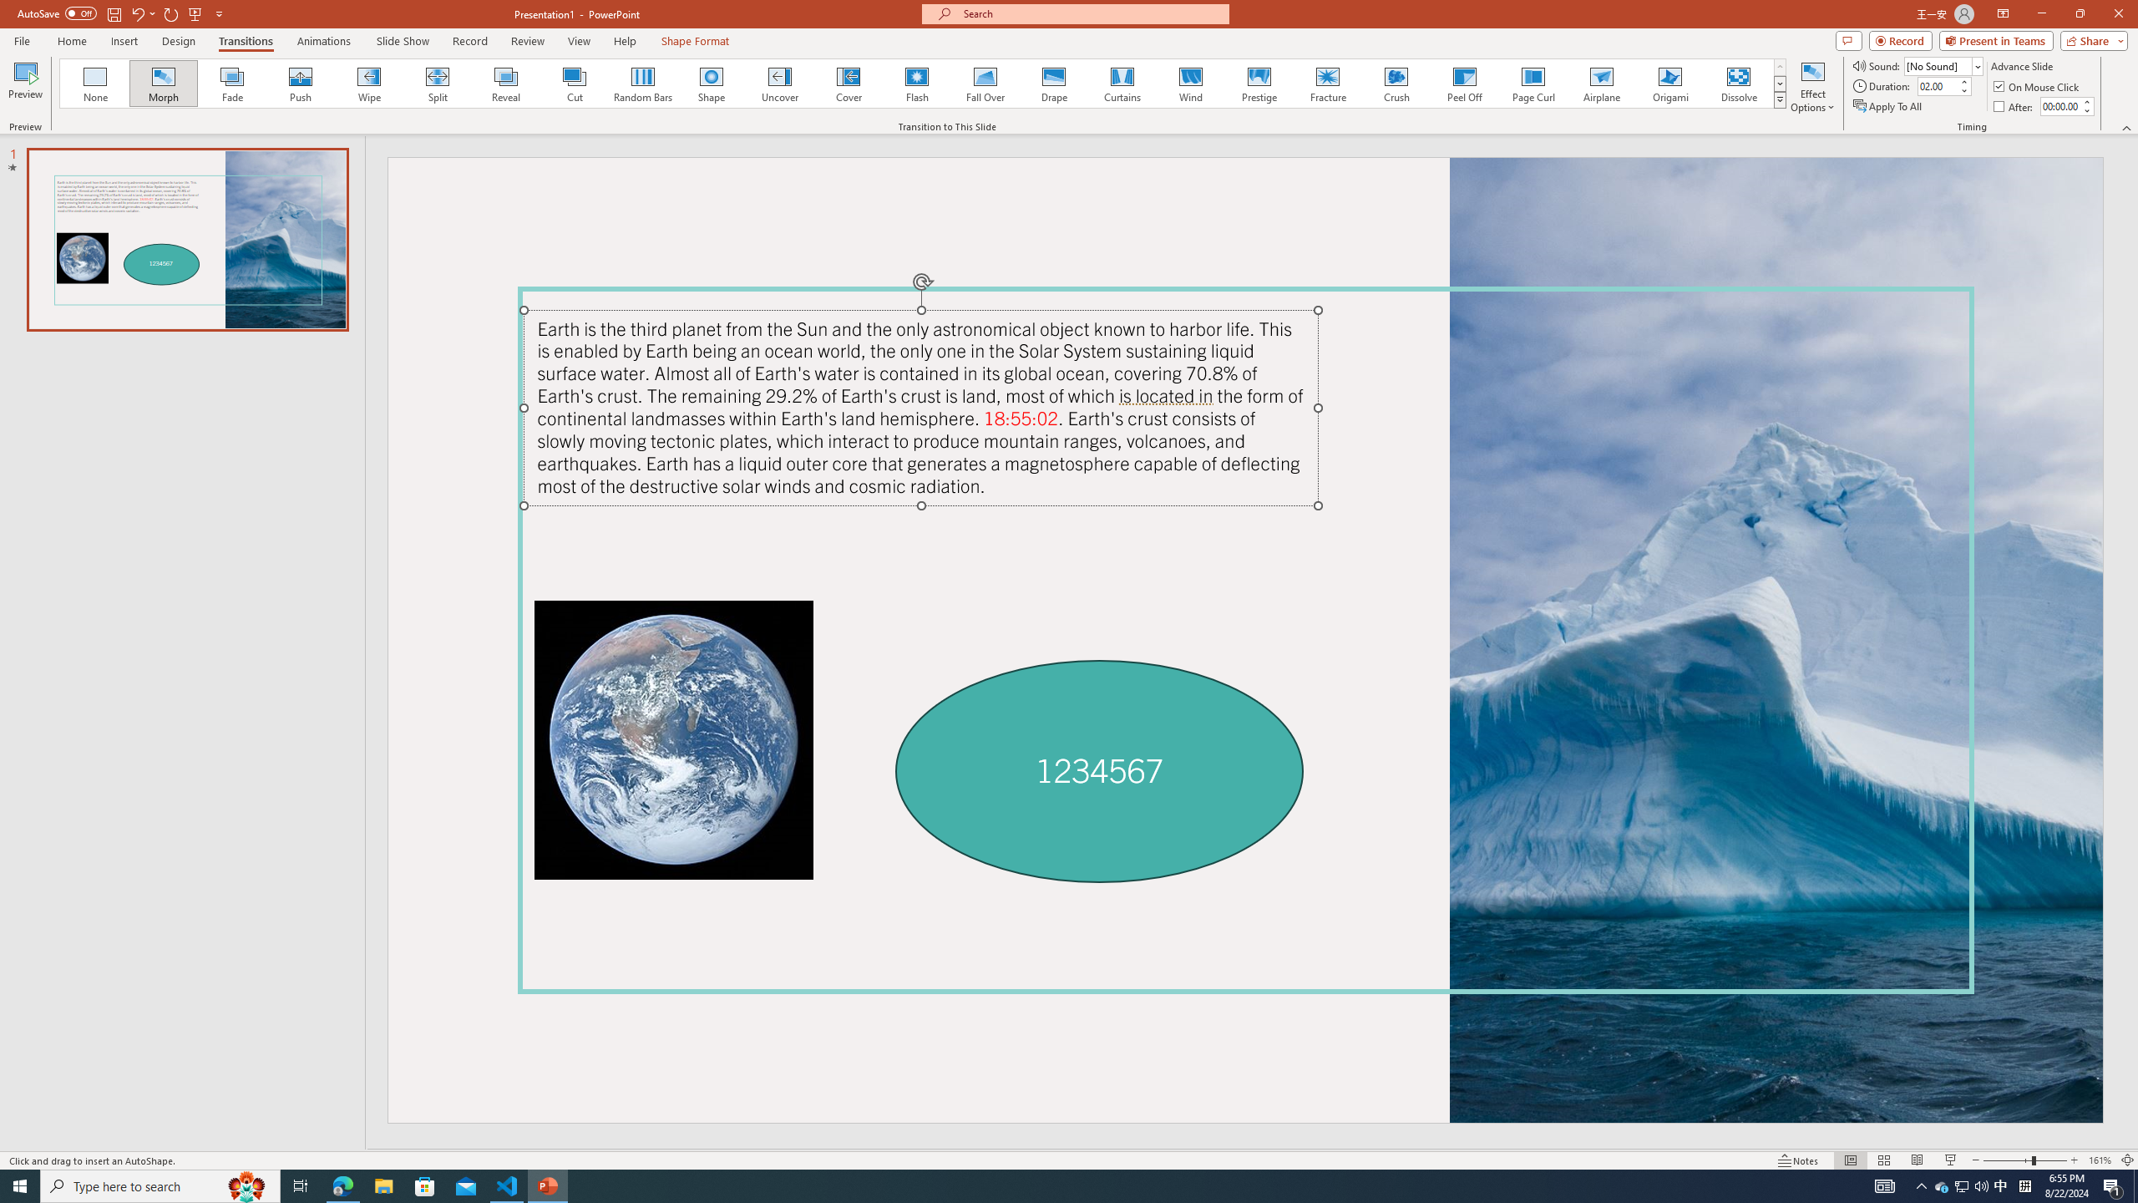 The width and height of the screenshot is (2138, 1203). I want to click on 'Page Curl', so click(1532, 83).